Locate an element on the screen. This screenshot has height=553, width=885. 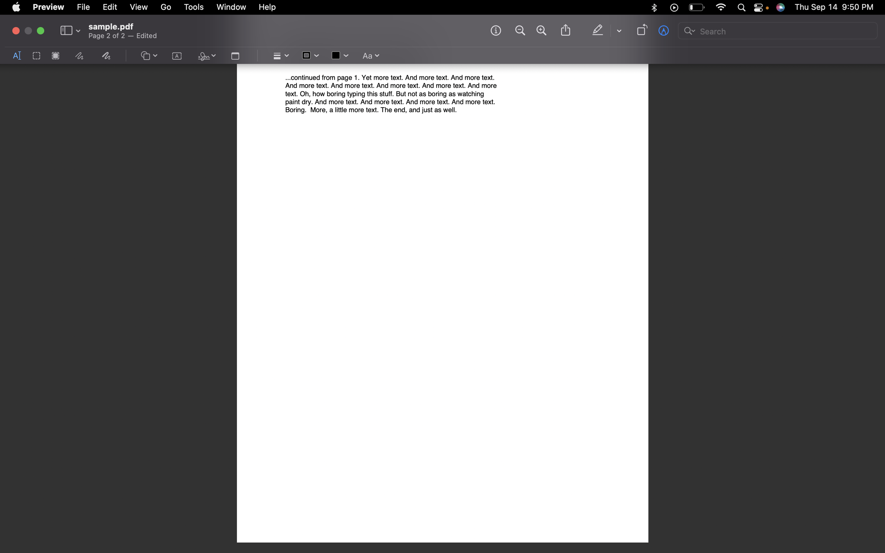
the control to design forms on the display is located at coordinates (148, 56).